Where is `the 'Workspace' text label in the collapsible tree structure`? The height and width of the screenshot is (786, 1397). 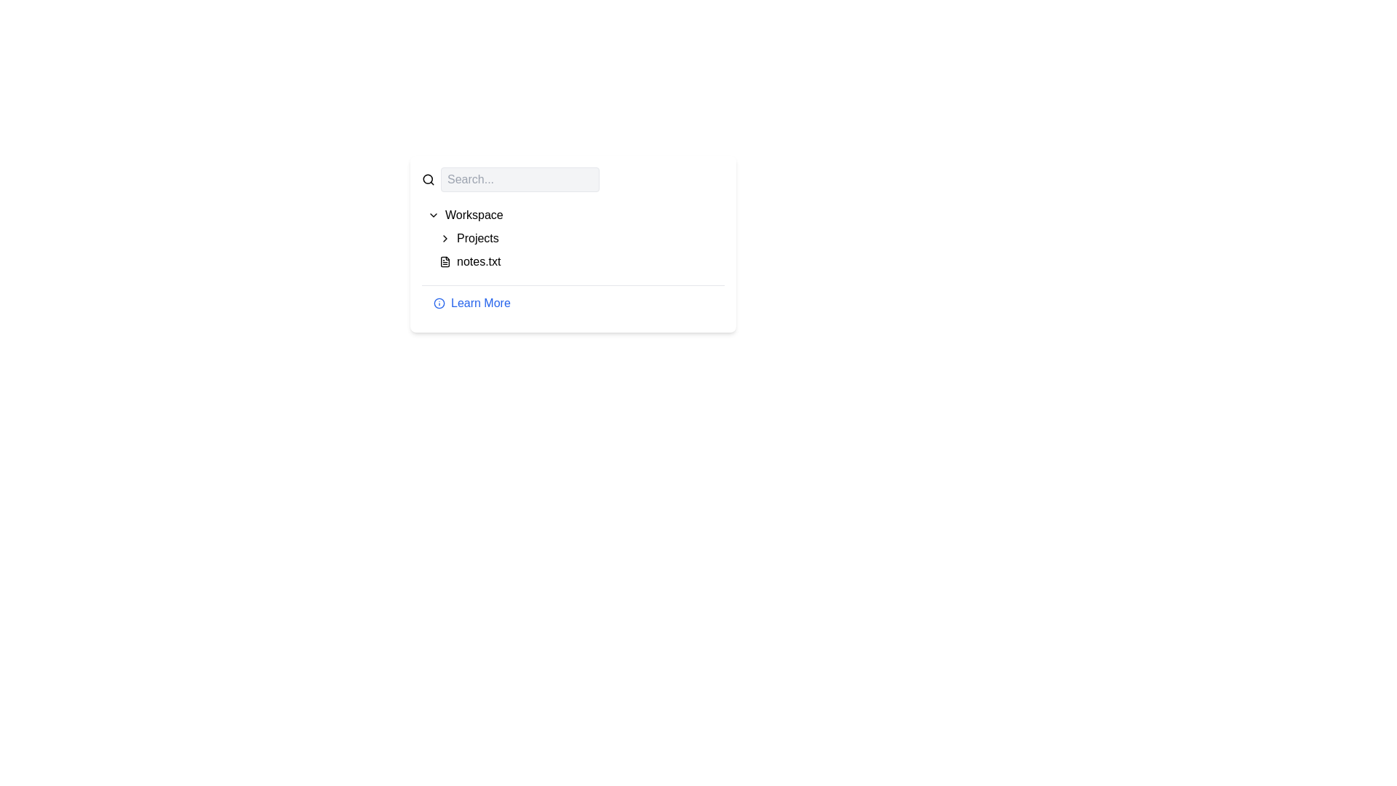 the 'Workspace' text label in the collapsible tree structure is located at coordinates (474, 215).